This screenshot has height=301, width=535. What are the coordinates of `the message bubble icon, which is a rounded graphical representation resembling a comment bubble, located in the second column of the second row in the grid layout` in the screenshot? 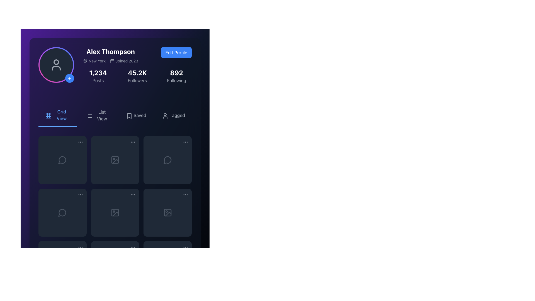 It's located at (167, 160).